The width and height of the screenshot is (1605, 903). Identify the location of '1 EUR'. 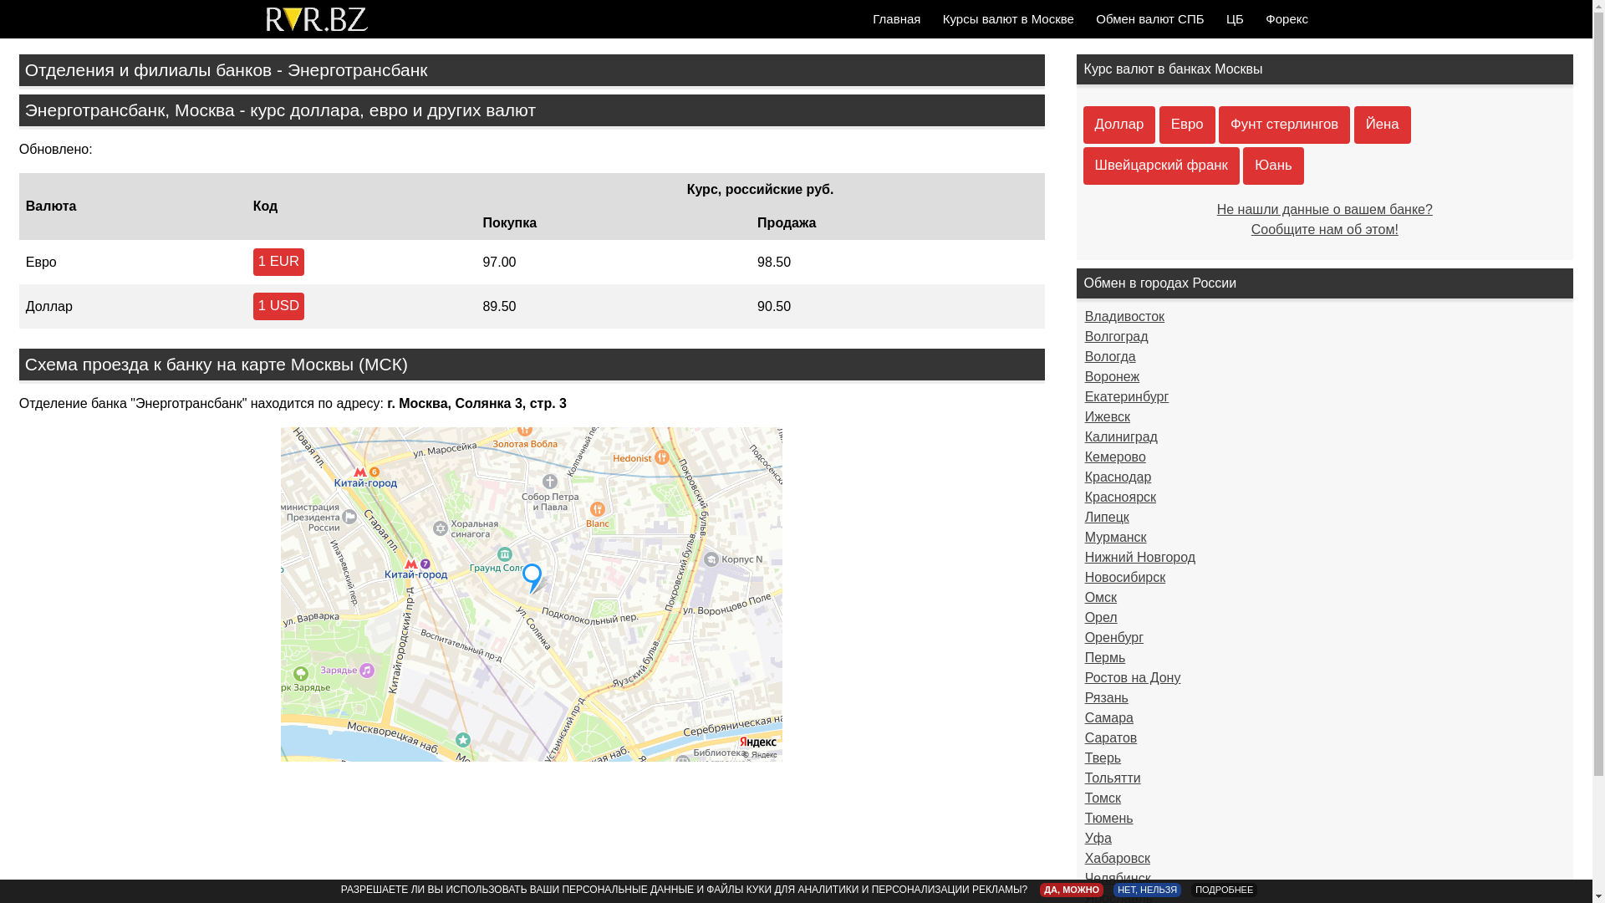
(278, 262).